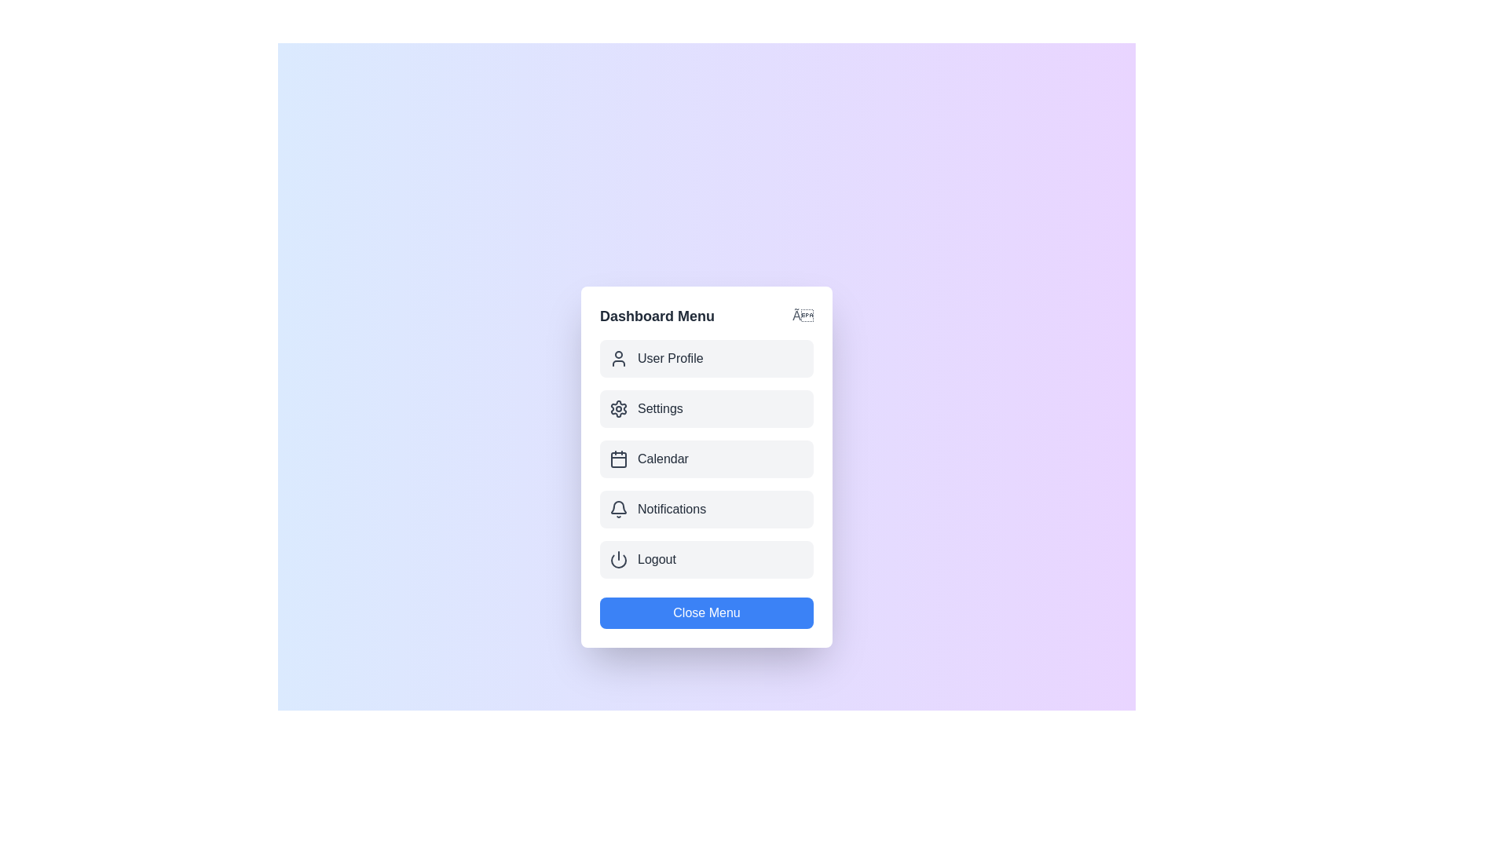 The height and width of the screenshot is (848, 1508). What do you see at coordinates (617, 509) in the screenshot?
I see `the icon for the menu item Notifications` at bounding box center [617, 509].